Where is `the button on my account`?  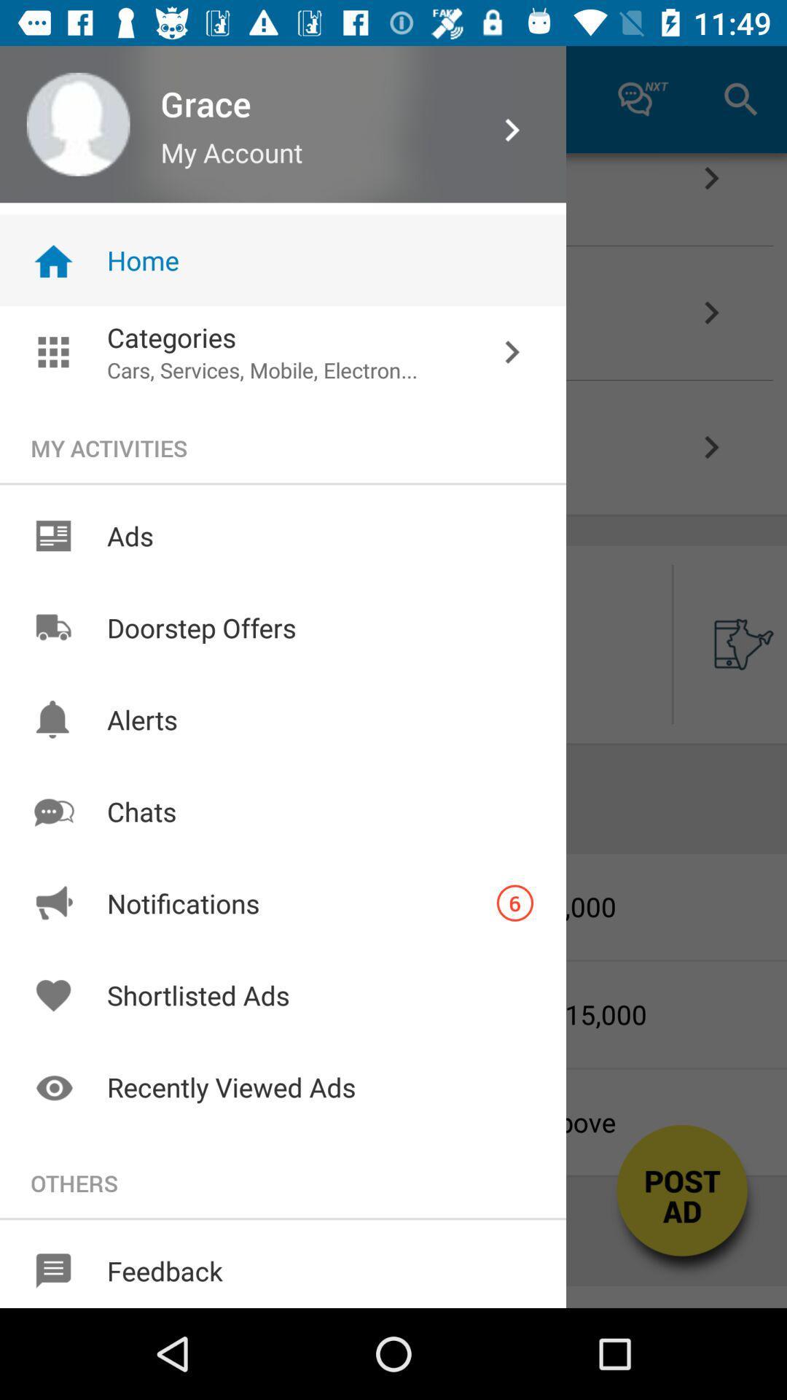
the button on my account is located at coordinates (281, 98).